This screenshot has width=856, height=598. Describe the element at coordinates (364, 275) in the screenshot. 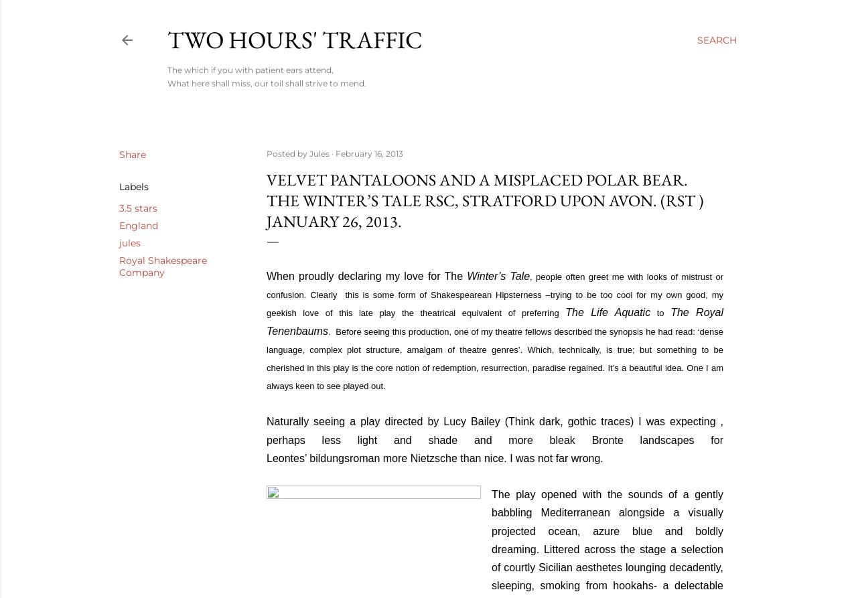

I see `'When proudly declaring my love for The'` at that location.